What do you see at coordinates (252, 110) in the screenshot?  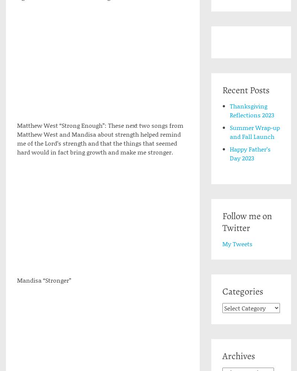 I see `'Thanksgiving Reflections 2023'` at bounding box center [252, 110].